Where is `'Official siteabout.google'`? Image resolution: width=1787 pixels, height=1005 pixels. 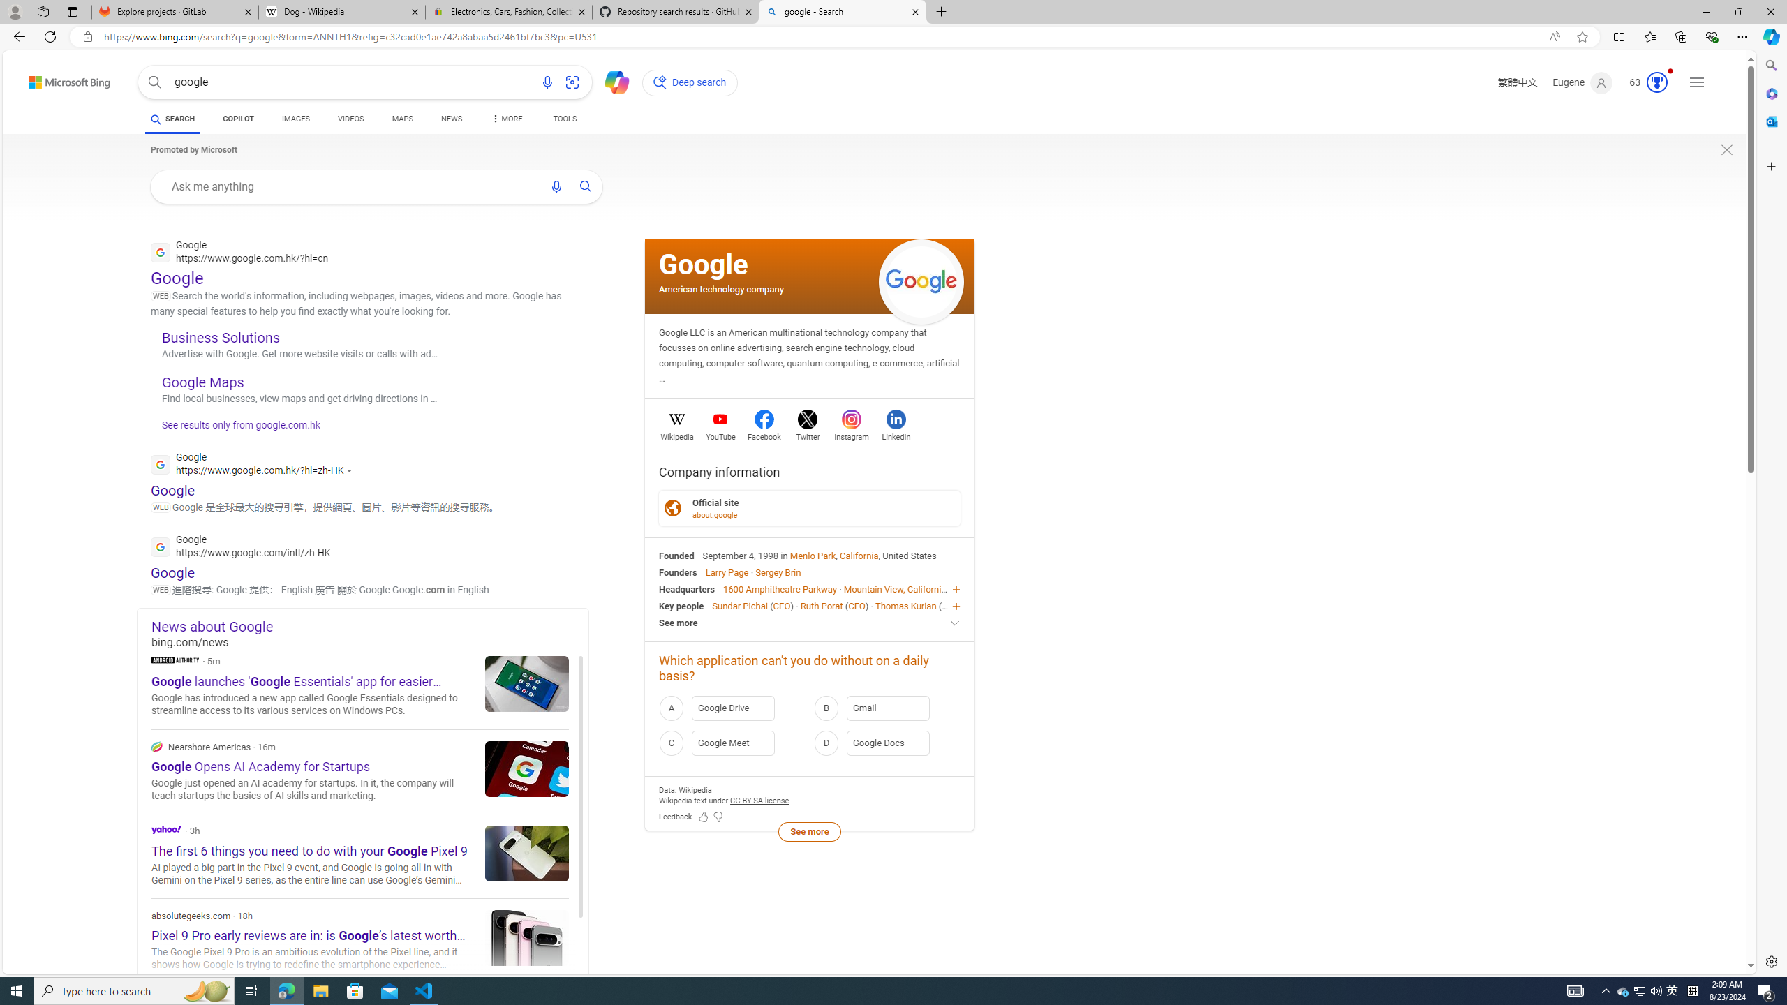
'Official siteabout.google' is located at coordinates (809, 507).